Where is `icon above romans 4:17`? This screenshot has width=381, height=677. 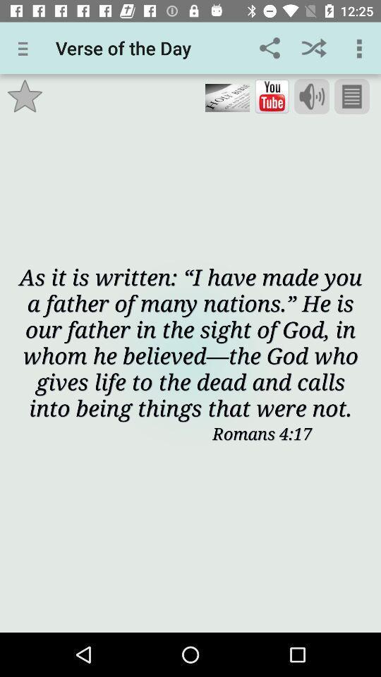 icon above romans 4:17 is located at coordinates (190, 341).